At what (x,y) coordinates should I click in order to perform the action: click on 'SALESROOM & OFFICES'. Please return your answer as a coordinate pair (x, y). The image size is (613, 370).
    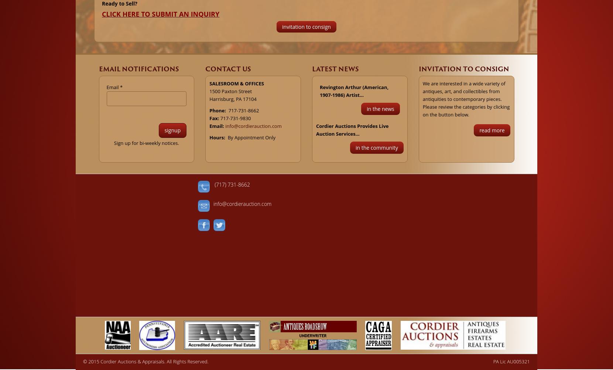
    Looking at the image, I should click on (236, 83).